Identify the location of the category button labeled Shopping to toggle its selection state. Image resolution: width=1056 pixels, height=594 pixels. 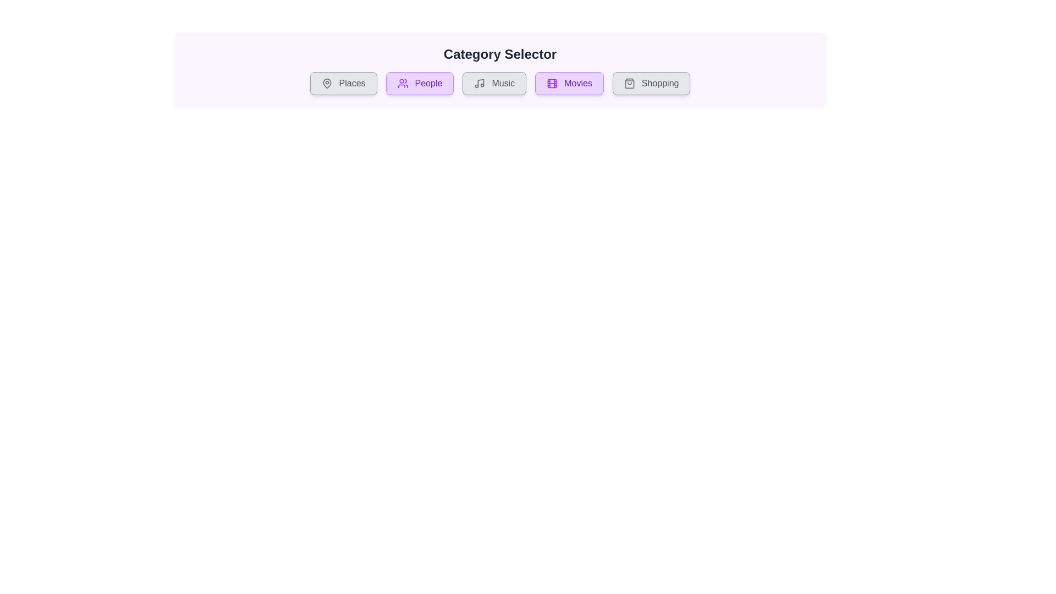
(651, 82).